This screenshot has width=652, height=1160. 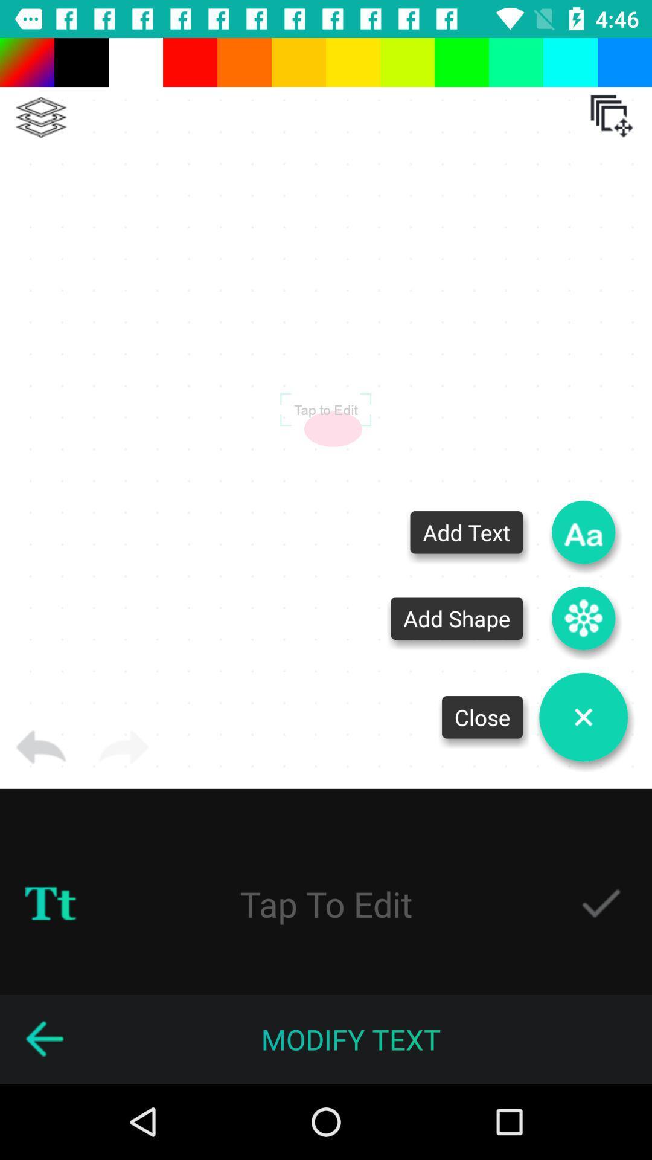 I want to click on a layer, so click(x=40, y=117).